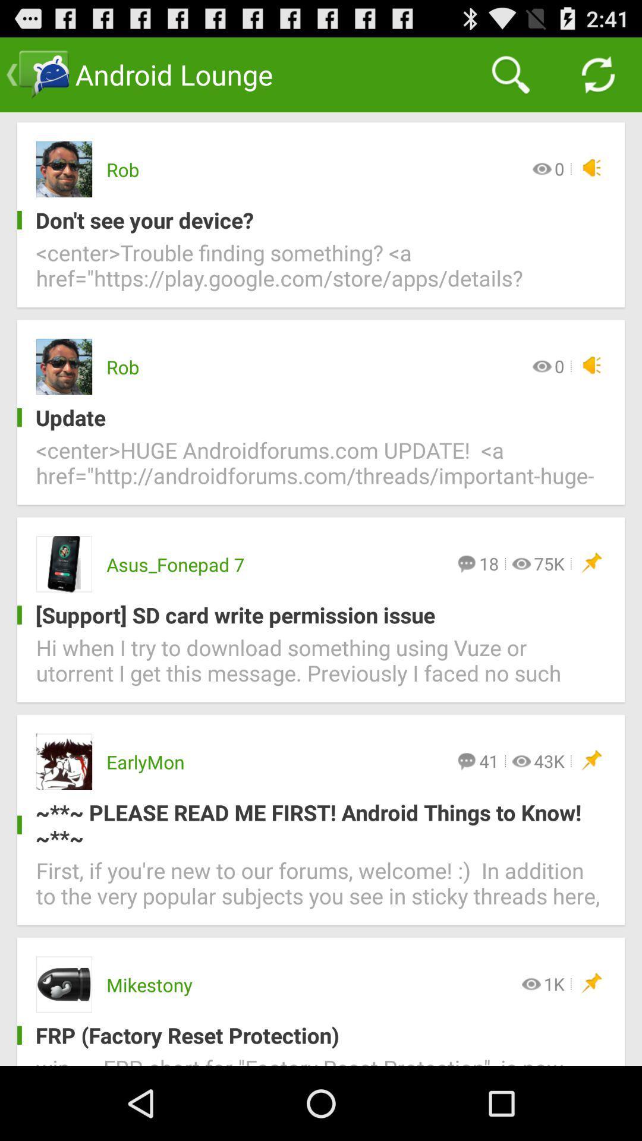 The image size is (642, 1141). Describe the element at coordinates (311, 824) in the screenshot. I see `please read me` at that location.